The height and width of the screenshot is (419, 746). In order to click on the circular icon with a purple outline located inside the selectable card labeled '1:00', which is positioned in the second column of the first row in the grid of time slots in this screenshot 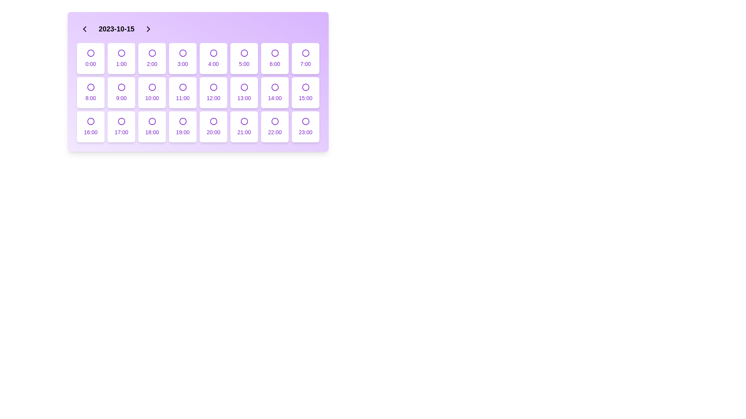, I will do `click(121, 53)`.